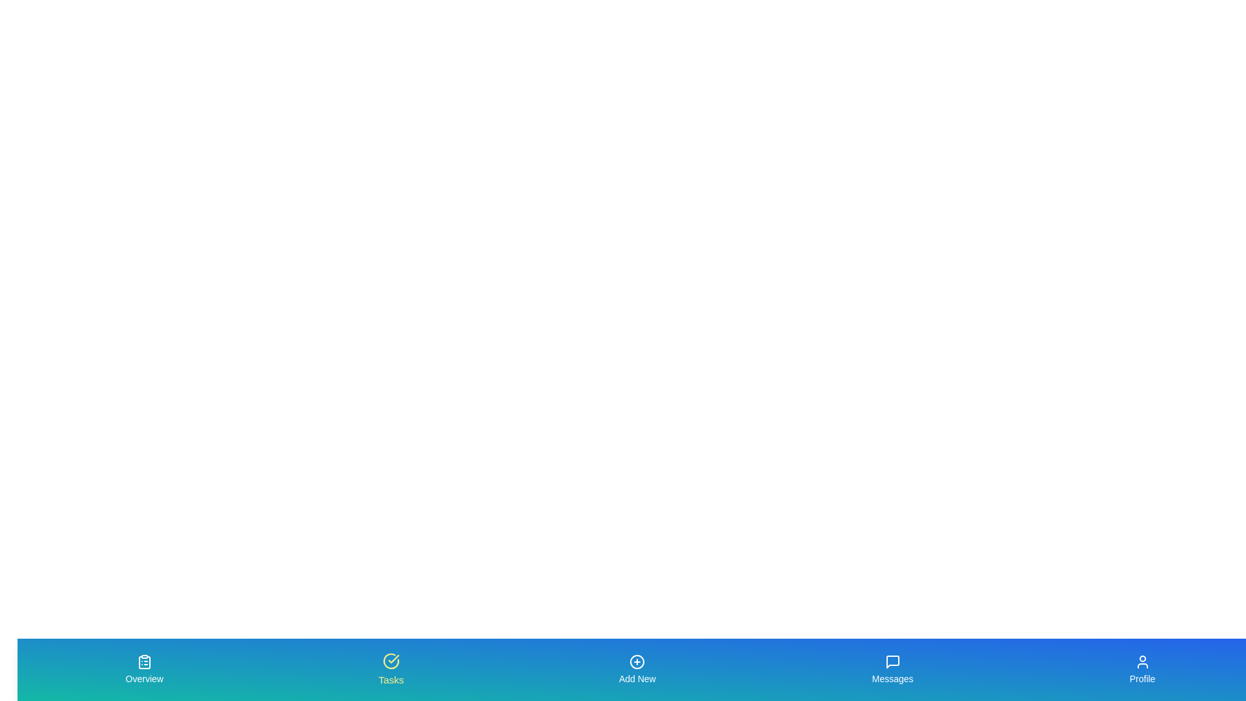 The image size is (1246, 701). What do you see at coordinates (389, 670) in the screenshot?
I see `the tab Tasks by clicking on its button` at bounding box center [389, 670].